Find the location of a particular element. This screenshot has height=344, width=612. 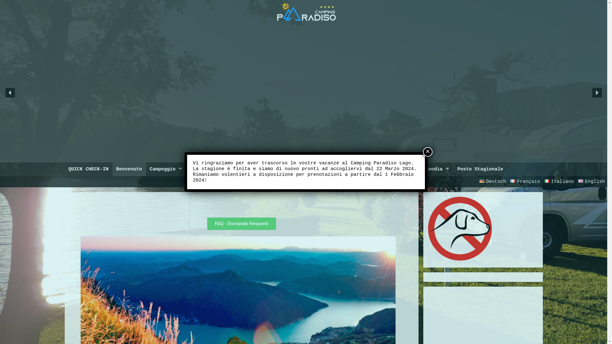

'Italiano' is located at coordinates (559, 182).